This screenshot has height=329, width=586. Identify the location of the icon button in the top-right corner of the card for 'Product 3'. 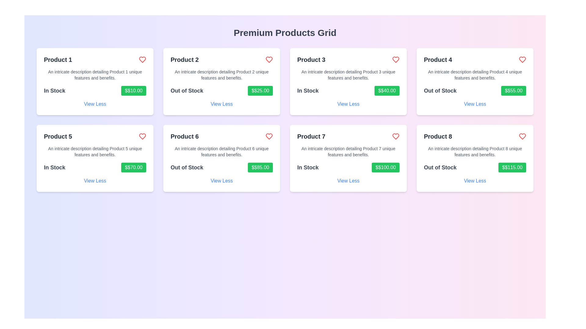
(396, 60).